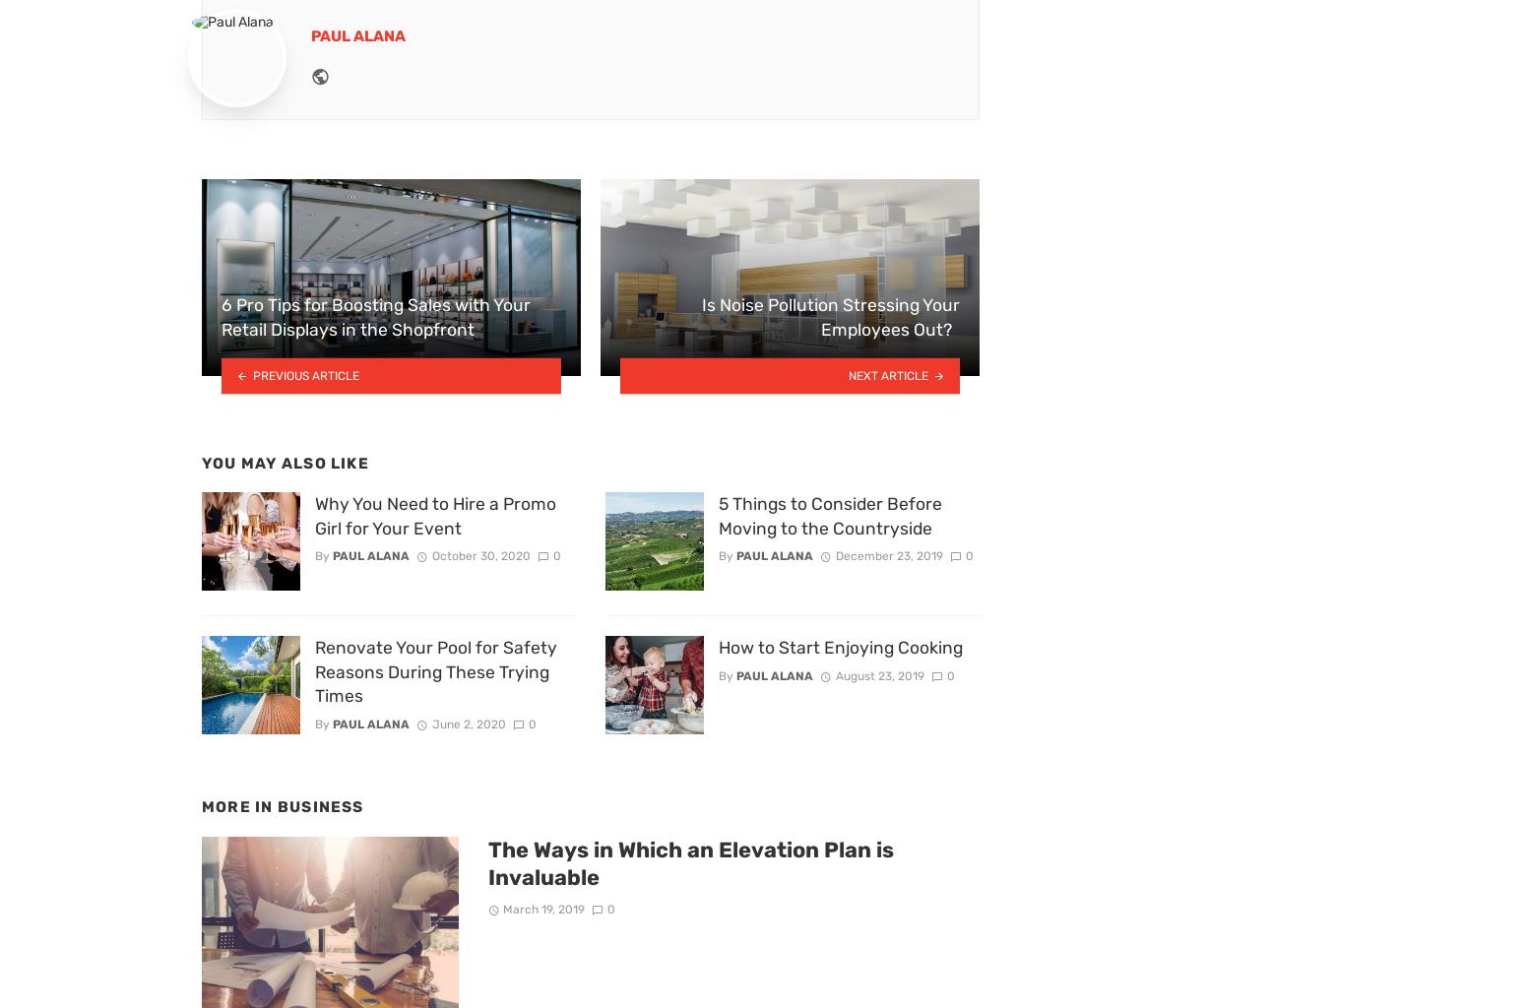  Describe the element at coordinates (239, 806) in the screenshot. I see `'More in'` at that location.